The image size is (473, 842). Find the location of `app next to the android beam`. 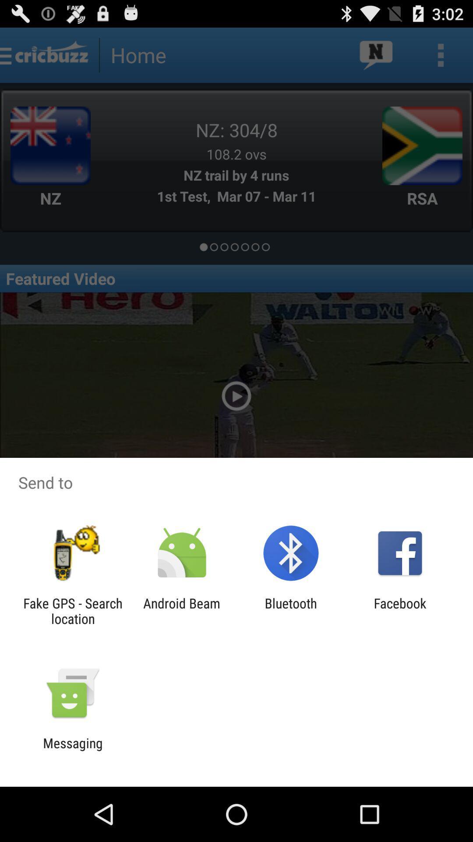

app next to the android beam is located at coordinates (291, 610).